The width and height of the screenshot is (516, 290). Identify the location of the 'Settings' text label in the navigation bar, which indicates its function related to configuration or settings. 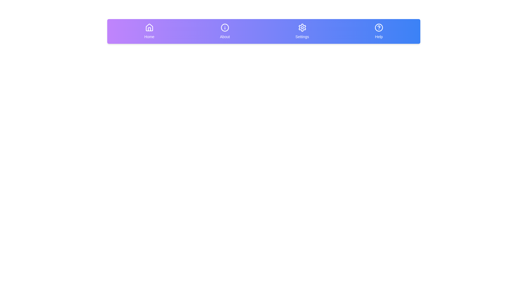
(302, 37).